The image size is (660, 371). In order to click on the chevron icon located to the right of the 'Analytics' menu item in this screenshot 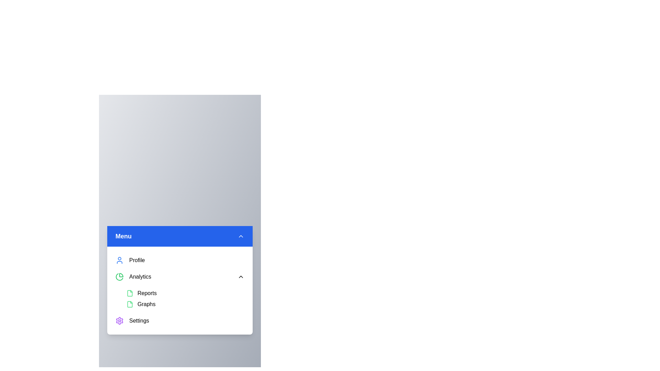, I will do `click(241, 277)`.